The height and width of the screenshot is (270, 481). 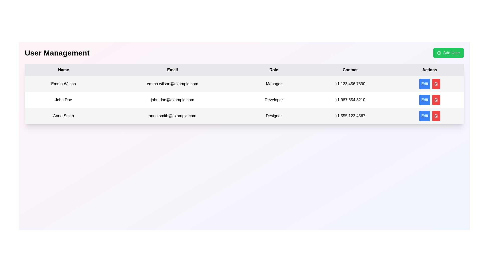 What do you see at coordinates (172, 83) in the screenshot?
I see `the text label displaying the email address 'emma.wilson@example.com' located in the second column of the first row of the User Management table` at bounding box center [172, 83].